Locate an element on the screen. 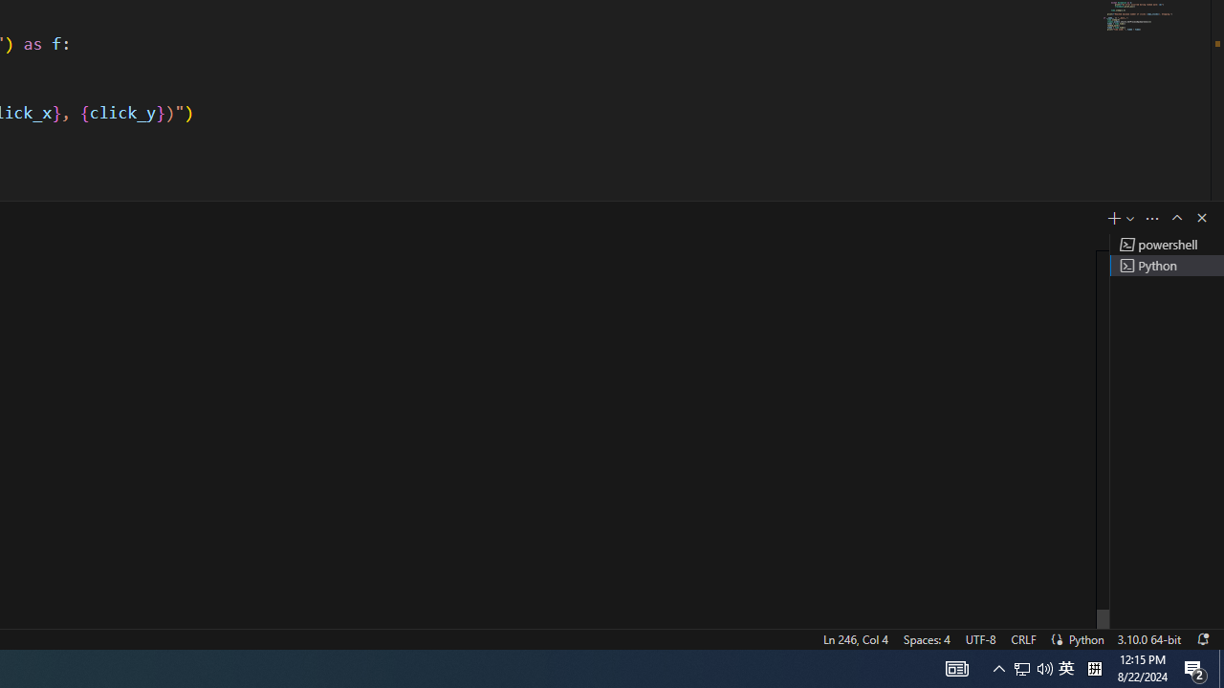 The height and width of the screenshot is (688, 1224). 'Spaces: 4' is located at coordinates (926, 638).